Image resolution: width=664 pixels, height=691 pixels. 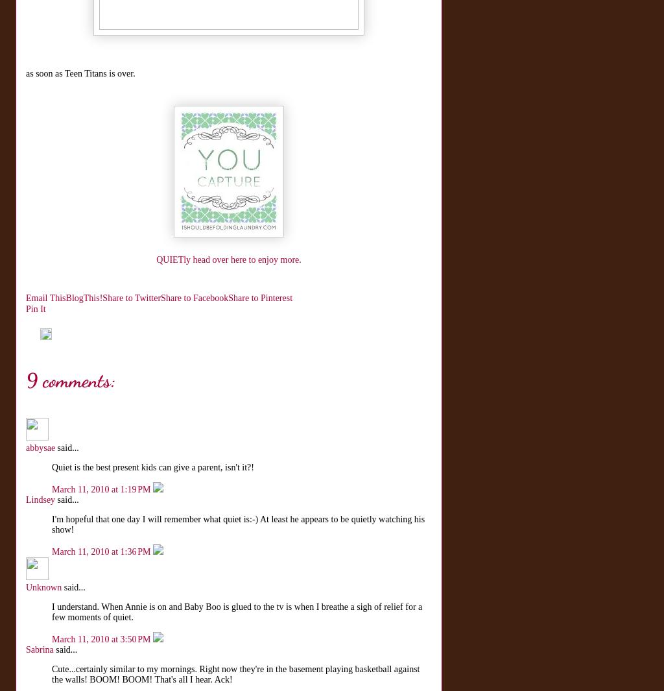 I want to click on 'abbysae', so click(x=40, y=448).